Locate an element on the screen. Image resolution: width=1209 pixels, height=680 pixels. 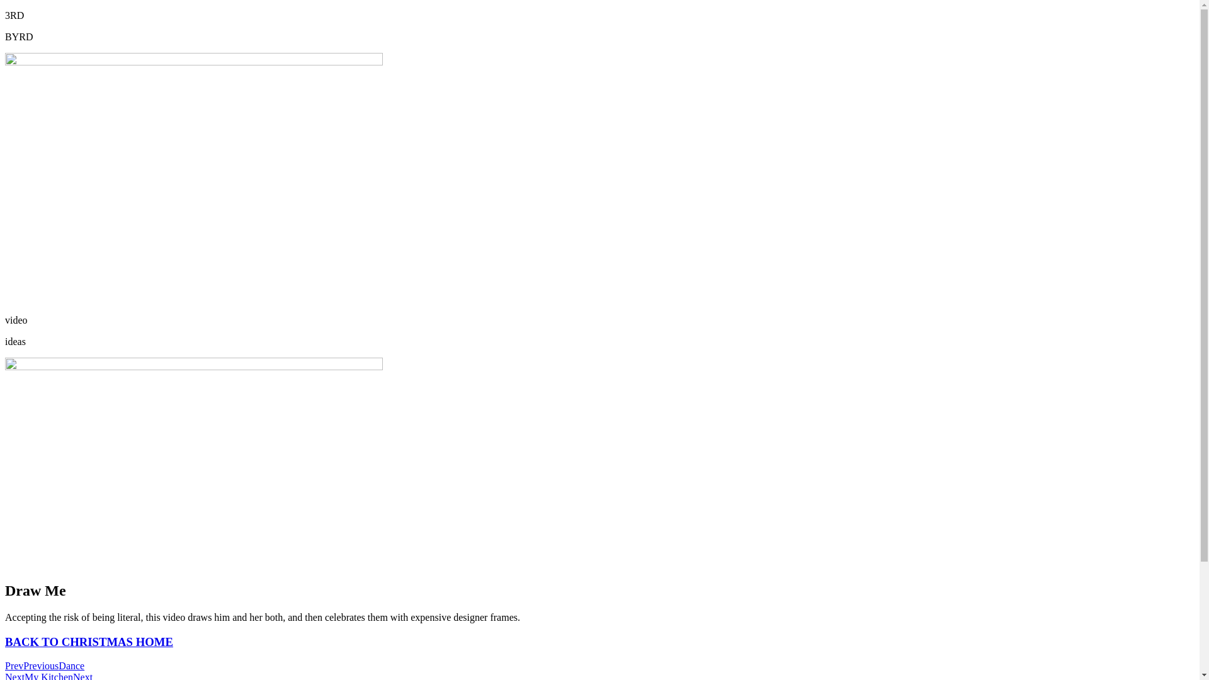
'PrevPreviousDance' is located at coordinates (45, 665).